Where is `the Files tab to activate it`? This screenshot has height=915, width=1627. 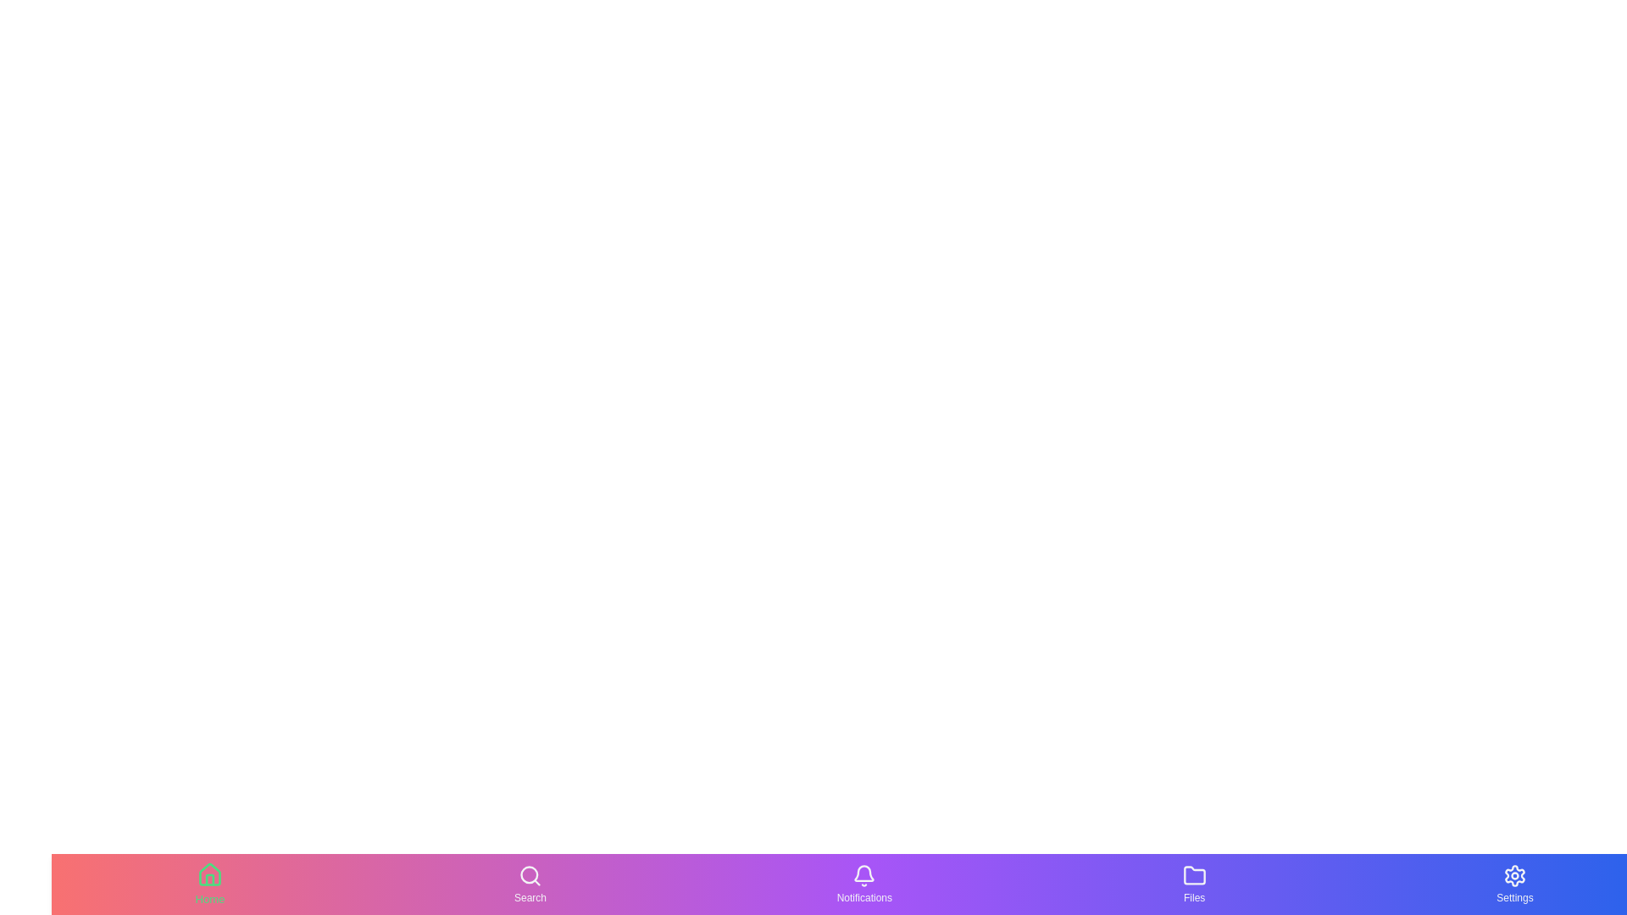
the Files tab to activate it is located at coordinates (1193, 884).